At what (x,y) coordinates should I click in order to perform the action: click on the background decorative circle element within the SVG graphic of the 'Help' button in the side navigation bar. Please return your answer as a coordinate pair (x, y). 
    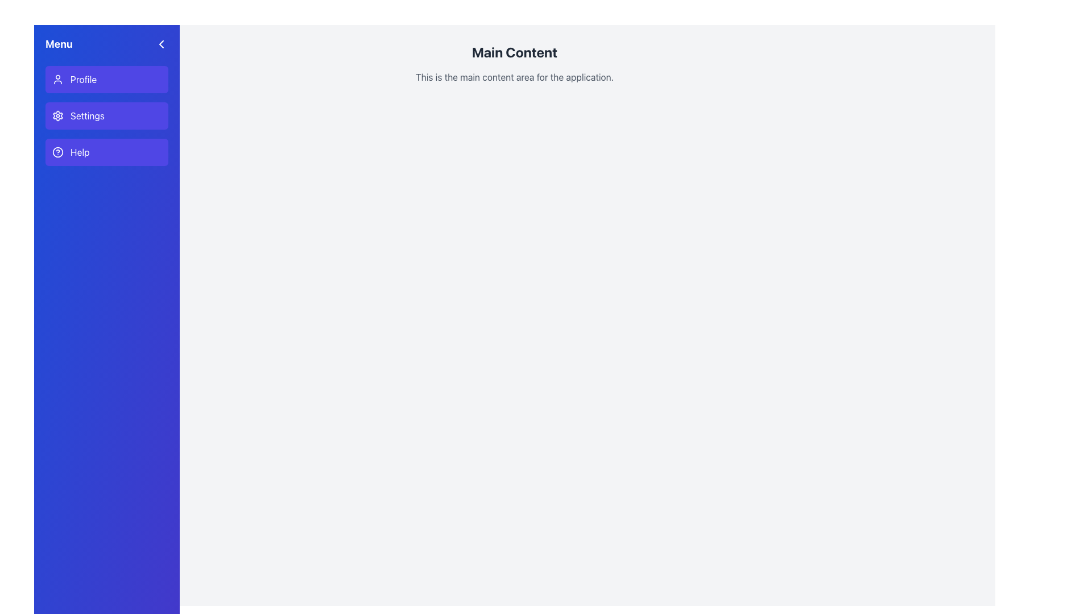
    Looking at the image, I should click on (57, 151).